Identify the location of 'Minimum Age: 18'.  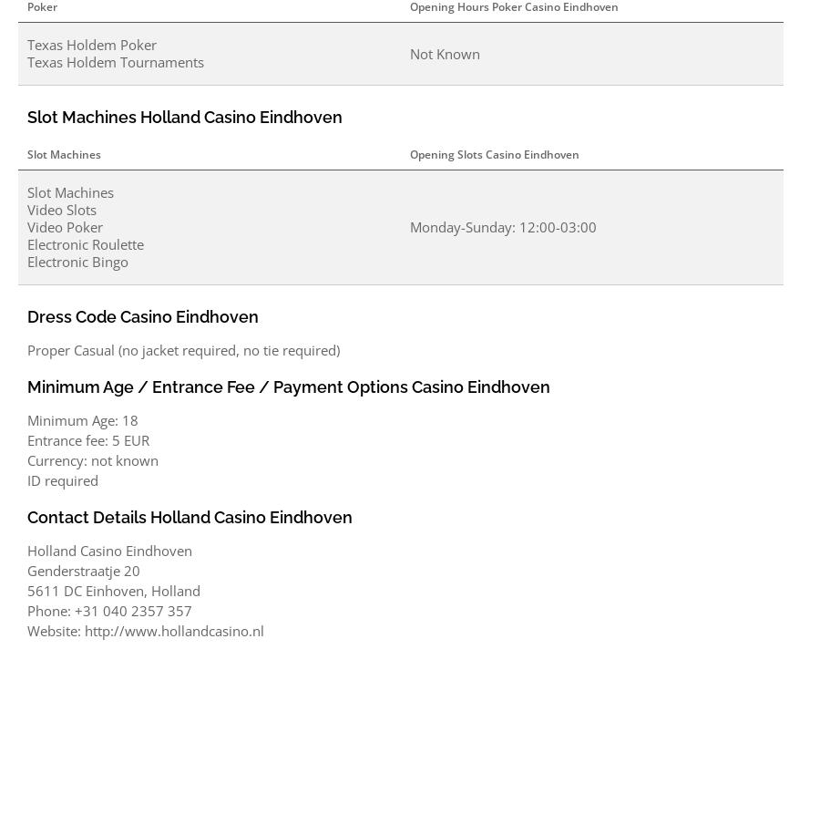
(81, 420).